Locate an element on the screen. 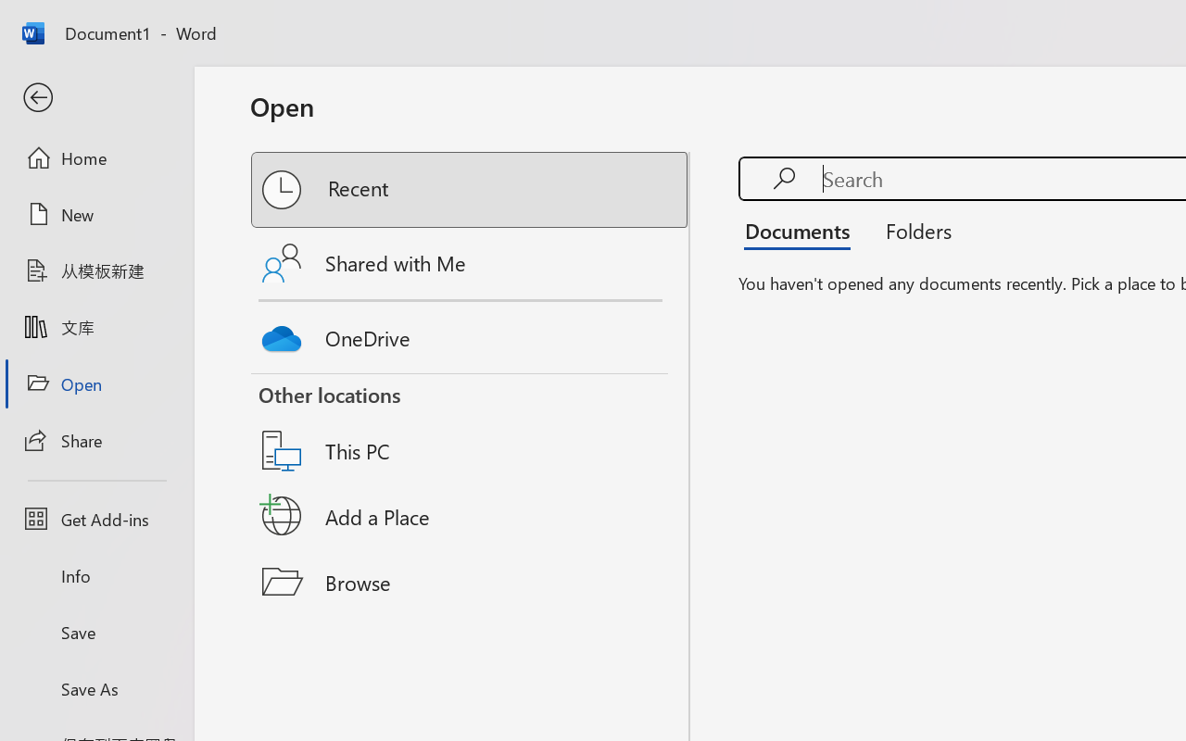 Image resolution: width=1186 pixels, height=741 pixels. 'Get Add-ins' is located at coordinates (95, 519).